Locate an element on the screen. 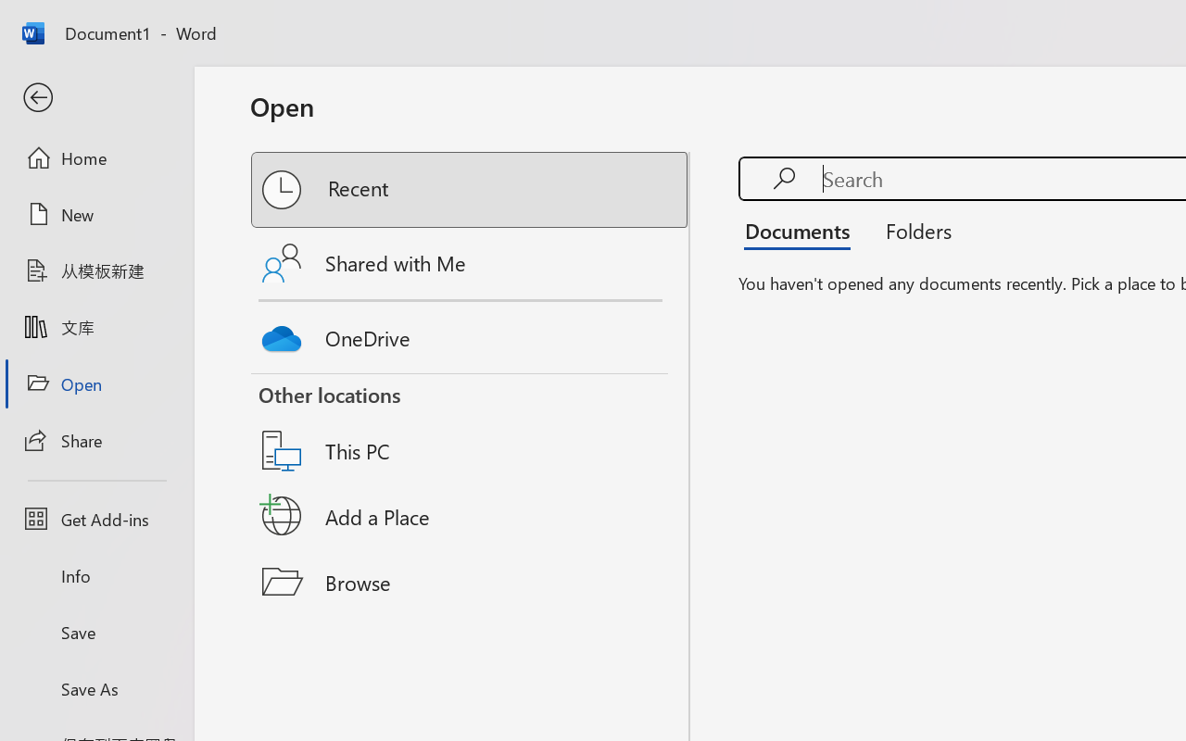 Image resolution: width=1186 pixels, height=741 pixels. 'Get Add-ins' is located at coordinates (95, 519).